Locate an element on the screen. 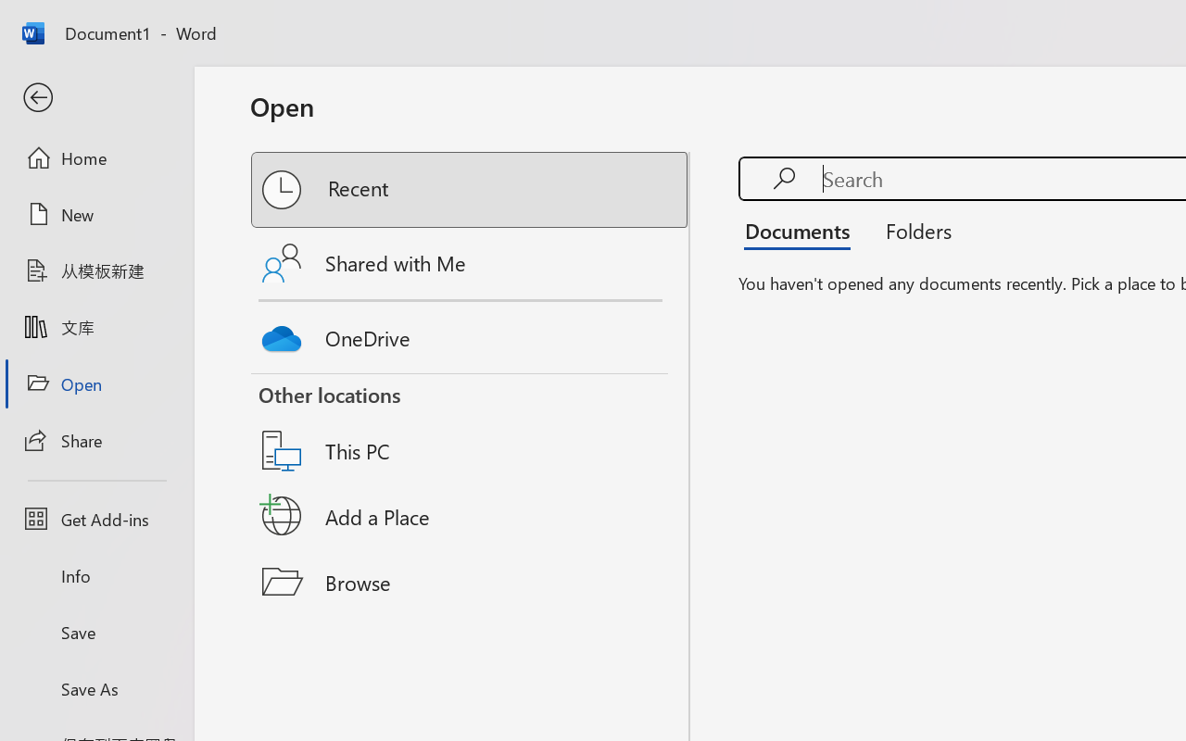 Image resolution: width=1186 pixels, height=741 pixels. 'Get Add-ins' is located at coordinates (95, 519).